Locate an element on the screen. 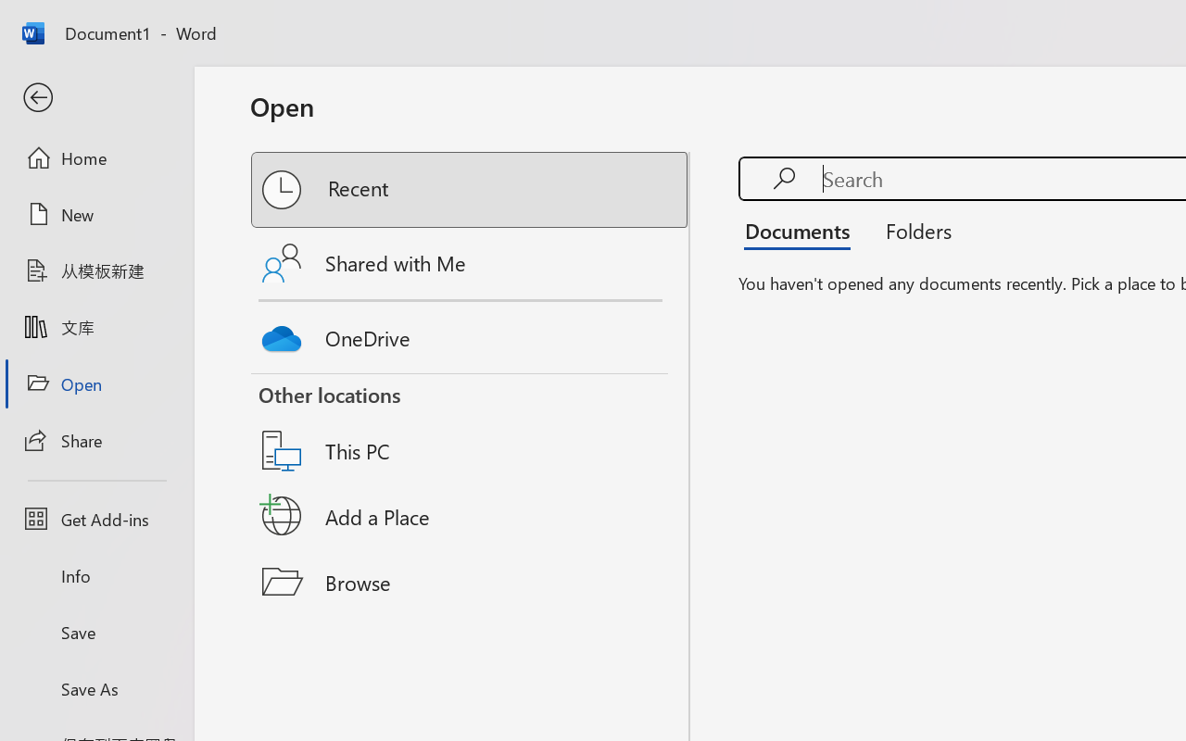 Image resolution: width=1186 pixels, height=741 pixels. 'Get Add-ins' is located at coordinates (95, 519).